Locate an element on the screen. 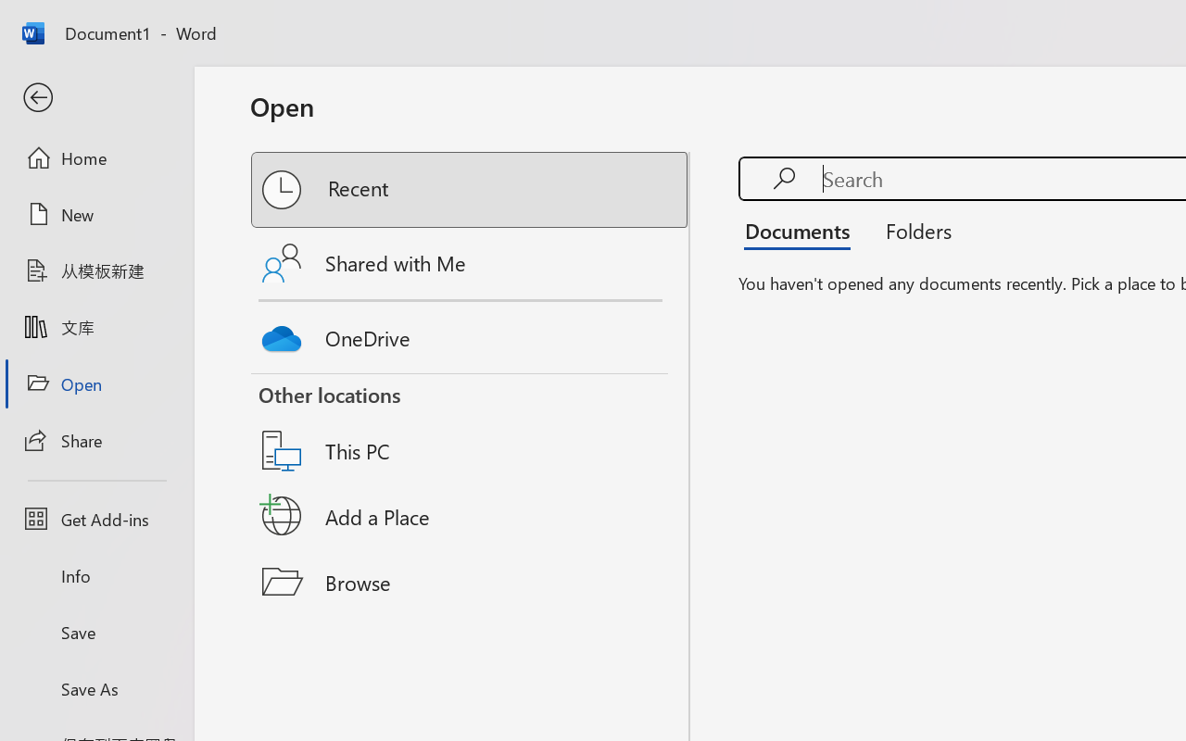 Image resolution: width=1186 pixels, height=741 pixels. 'Get Add-ins' is located at coordinates (95, 519).